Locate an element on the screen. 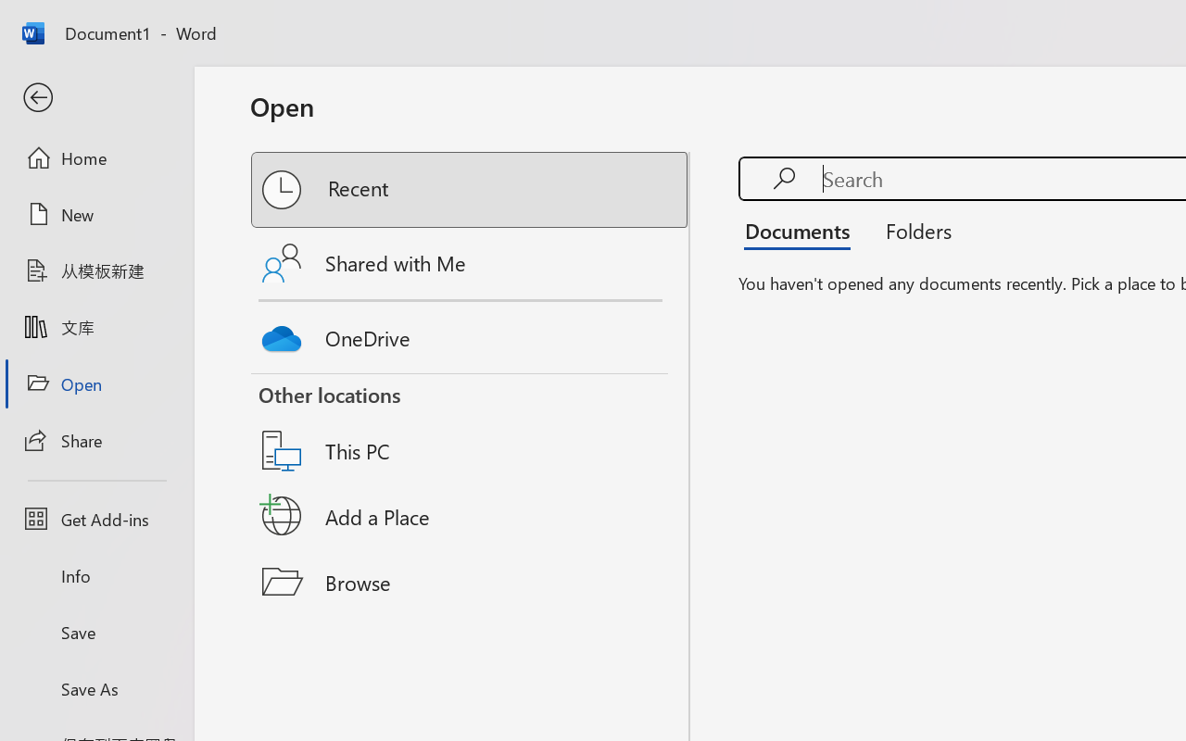 Image resolution: width=1186 pixels, height=741 pixels. 'Get Add-ins' is located at coordinates (95, 519).